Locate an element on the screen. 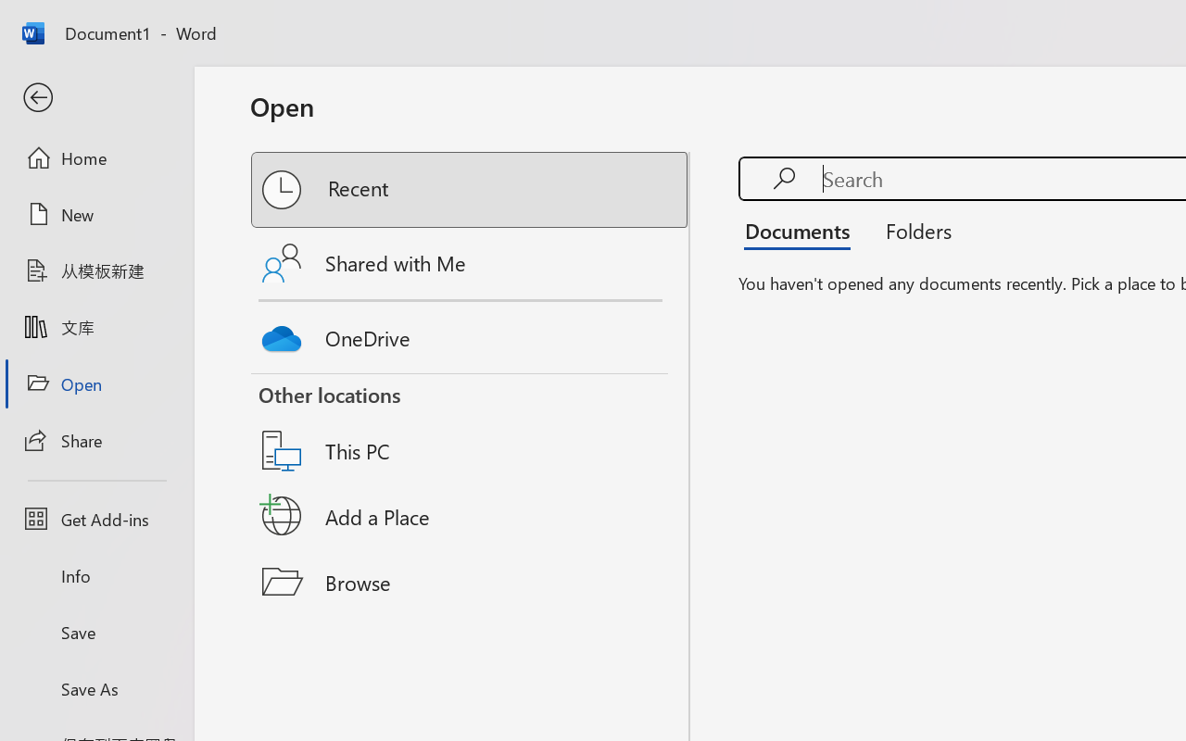 Image resolution: width=1186 pixels, height=741 pixels. 'Get Add-ins' is located at coordinates (95, 519).